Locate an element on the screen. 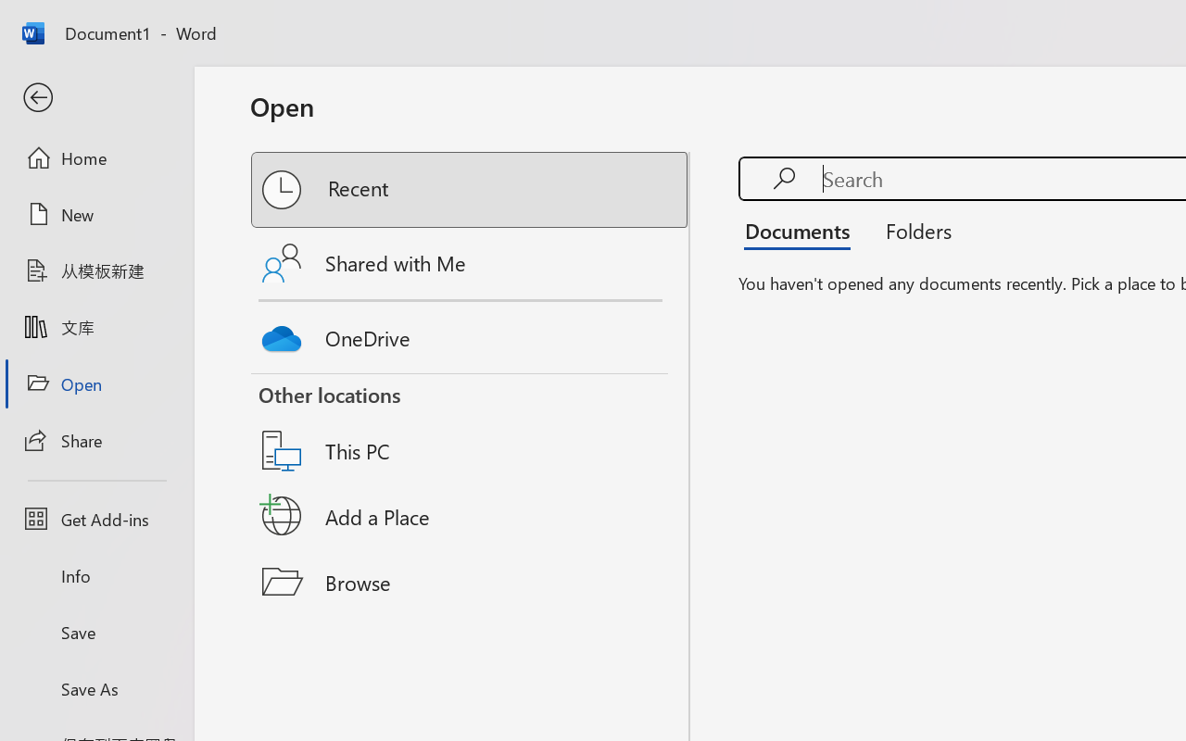 Image resolution: width=1186 pixels, height=741 pixels. 'Get Add-ins' is located at coordinates (95, 519).